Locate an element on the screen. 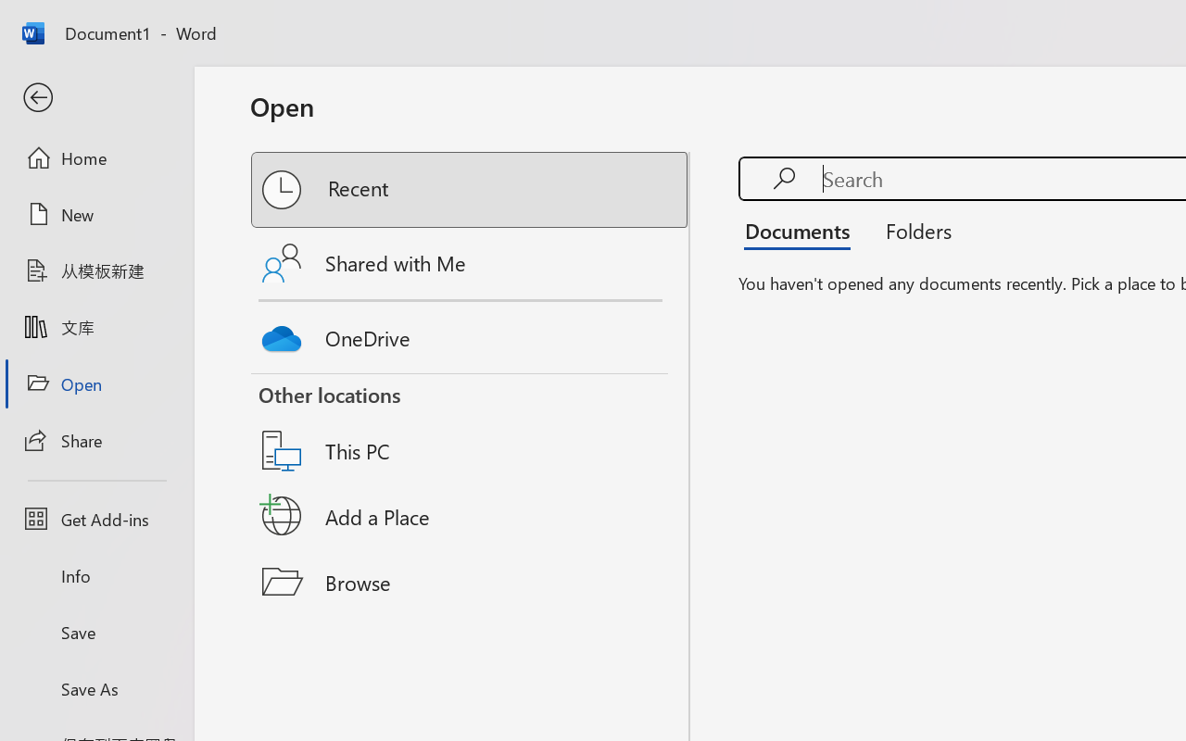 Image resolution: width=1186 pixels, height=741 pixels. 'Get Add-ins' is located at coordinates (95, 519).